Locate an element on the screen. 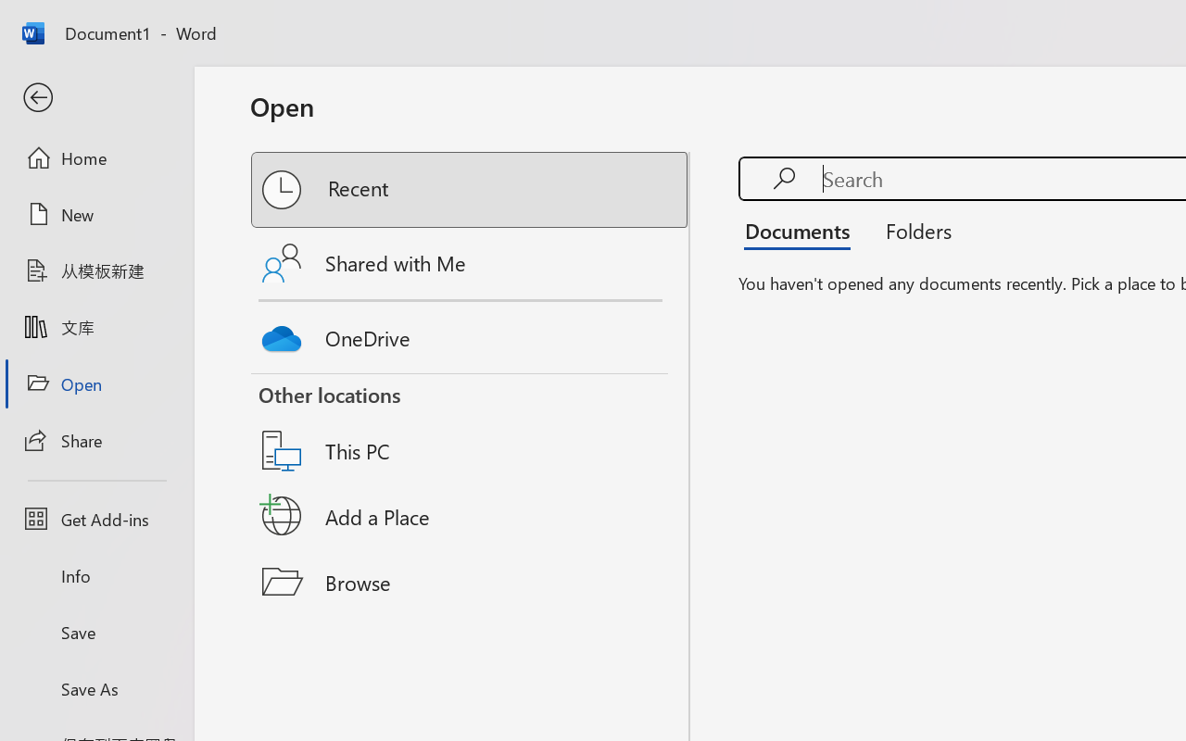 Image resolution: width=1186 pixels, height=741 pixels. 'Get Add-ins' is located at coordinates (95, 519).